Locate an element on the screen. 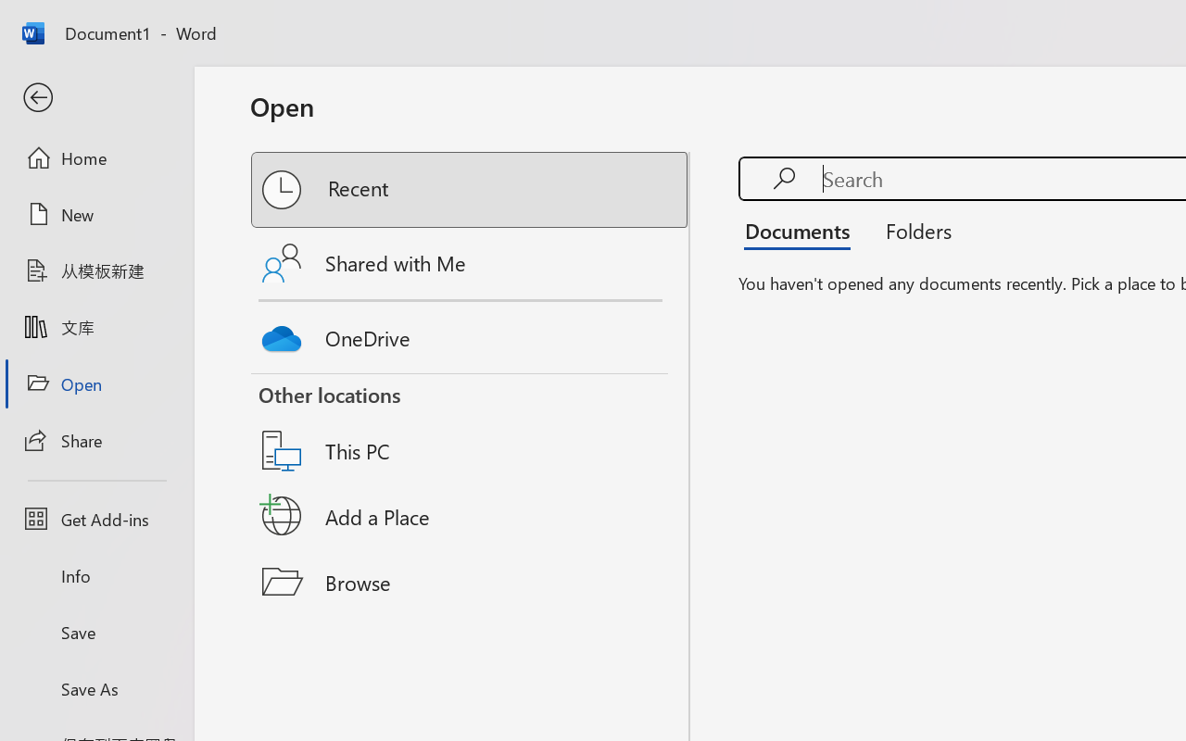 Image resolution: width=1186 pixels, height=741 pixels. 'Get Add-ins' is located at coordinates (95, 519).